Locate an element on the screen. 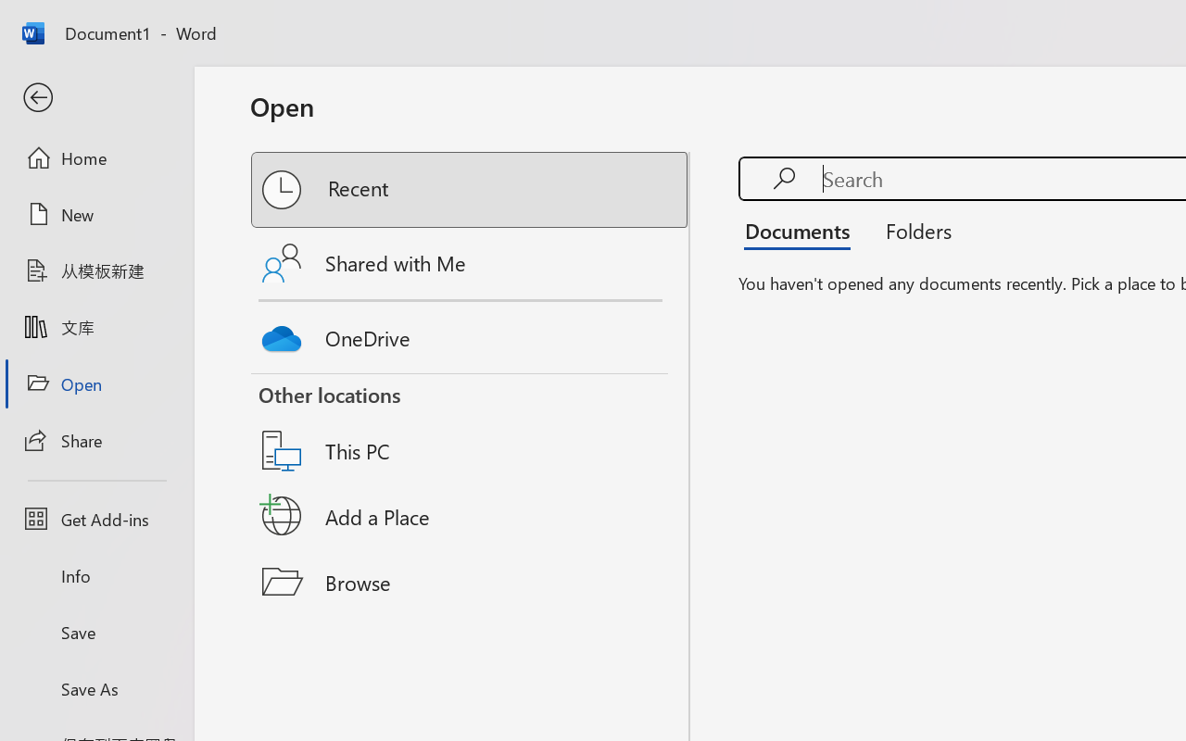 Image resolution: width=1186 pixels, height=741 pixels. 'Get Add-ins' is located at coordinates (95, 519).